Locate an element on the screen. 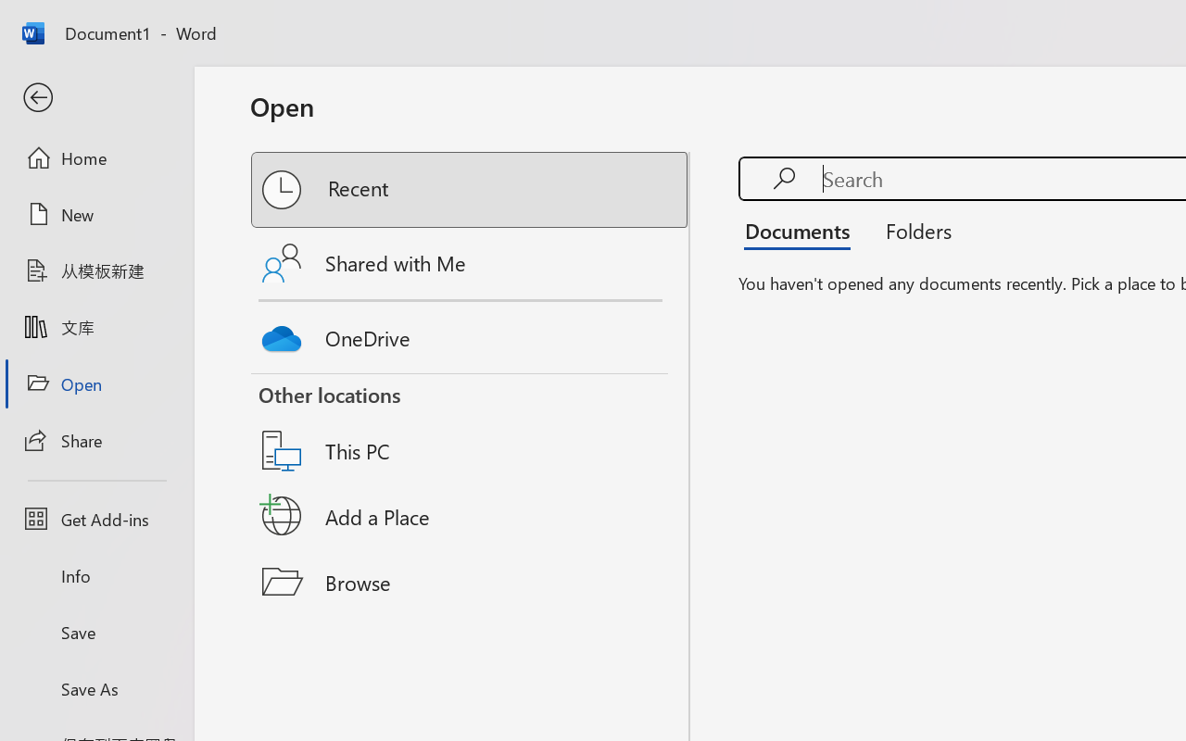 Image resolution: width=1186 pixels, height=741 pixels. 'Get Add-ins' is located at coordinates (95, 519).